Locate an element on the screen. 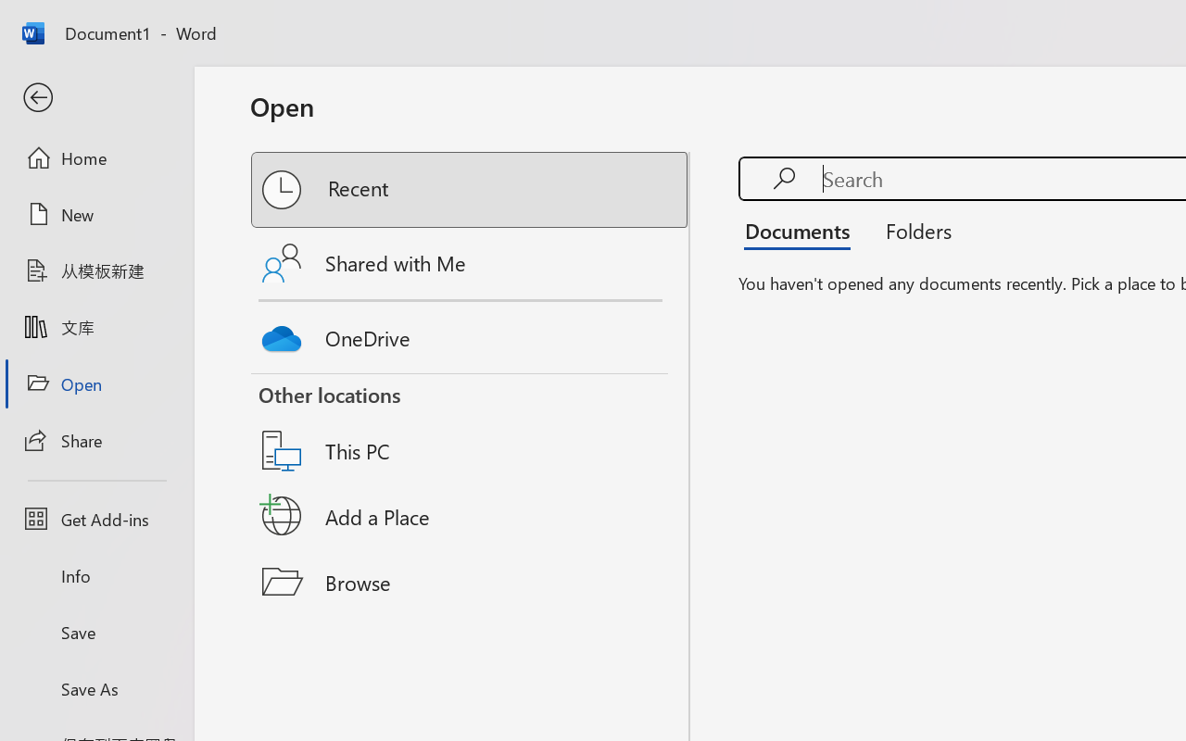 Image resolution: width=1186 pixels, height=741 pixels. 'Get Add-ins' is located at coordinates (95, 519).